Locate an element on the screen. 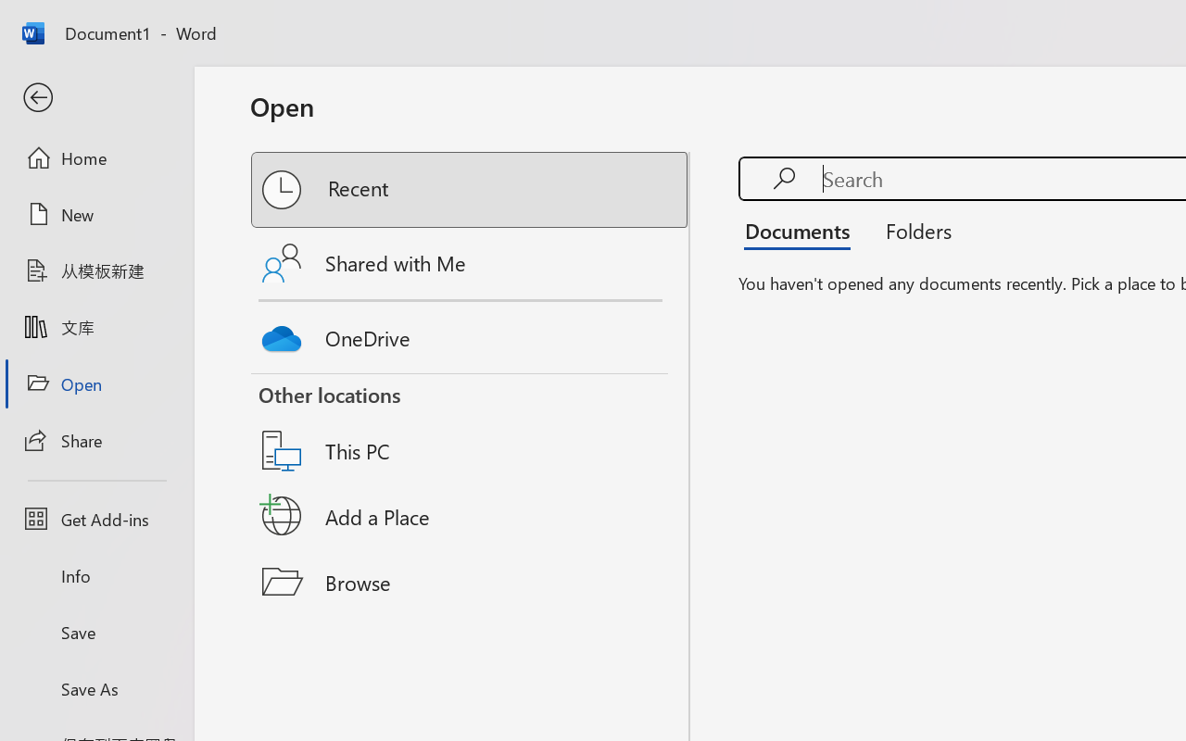 Image resolution: width=1186 pixels, height=741 pixels. 'Get Add-ins' is located at coordinates (95, 519).